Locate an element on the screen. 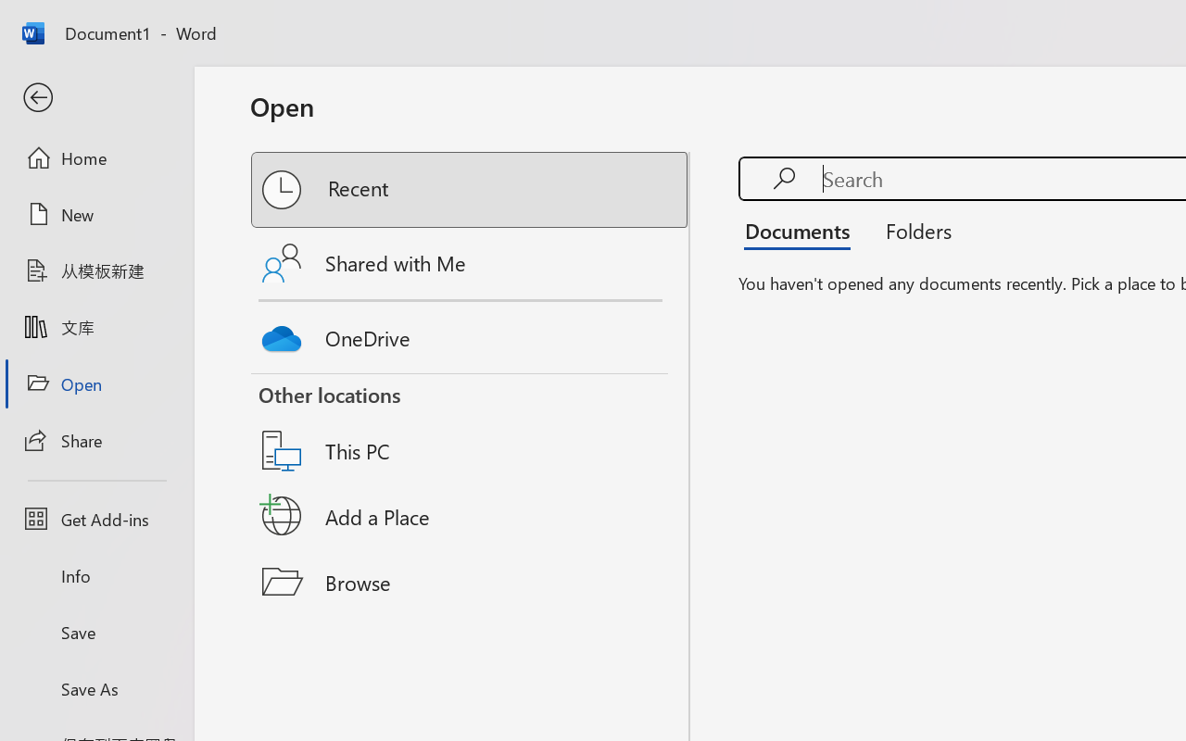 Image resolution: width=1186 pixels, height=741 pixels. 'Get Add-ins' is located at coordinates (95, 519).